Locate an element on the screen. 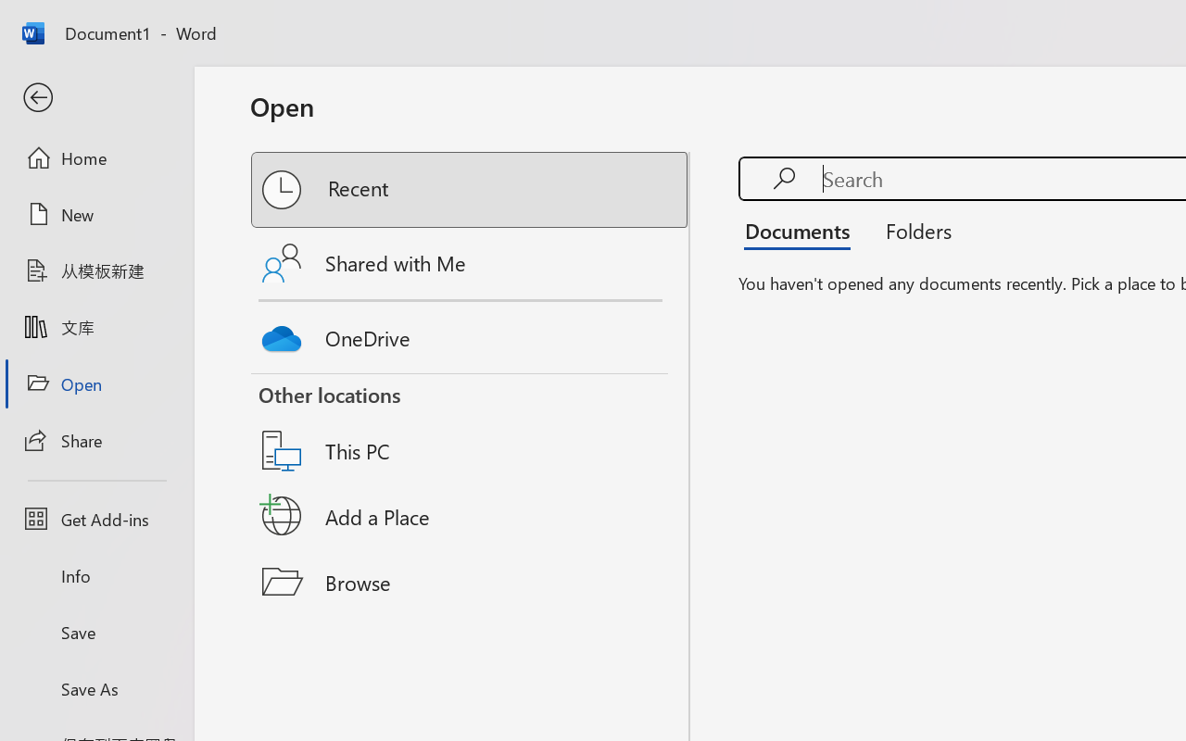 Image resolution: width=1186 pixels, height=741 pixels. 'Get Add-ins' is located at coordinates (95, 519).